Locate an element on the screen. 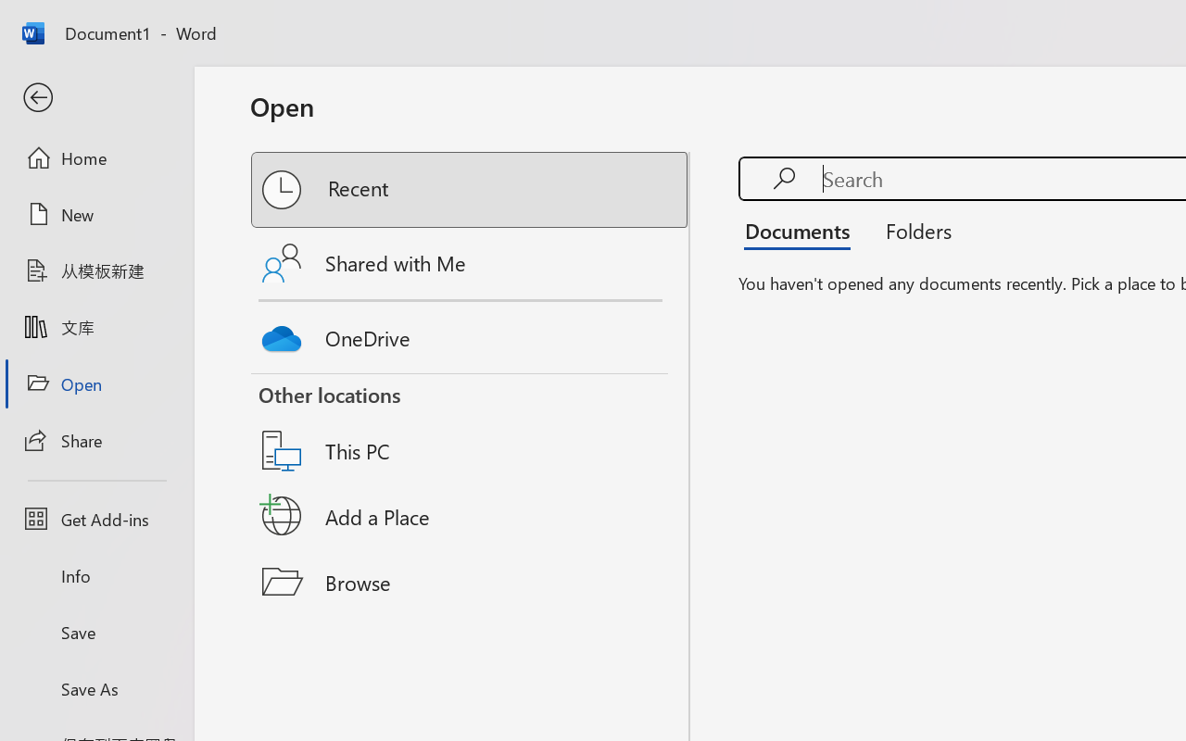 Image resolution: width=1186 pixels, height=741 pixels. 'Get Add-ins' is located at coordinates (95, 519).